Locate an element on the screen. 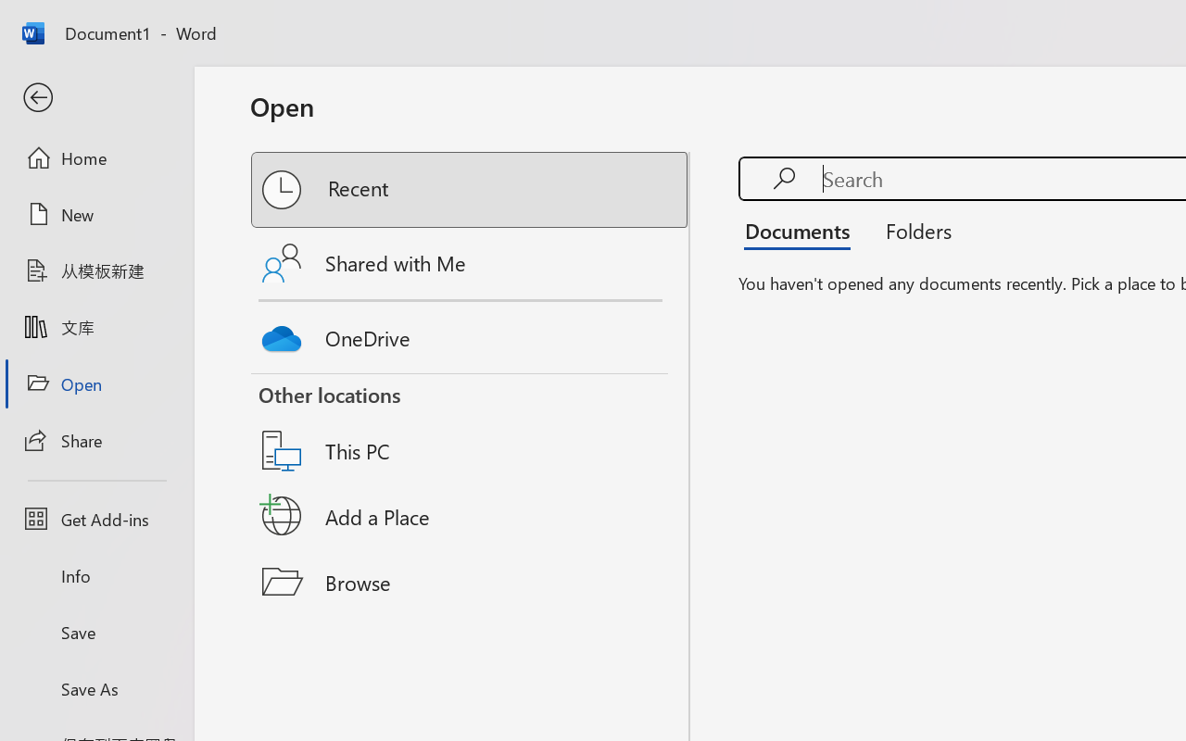 Image resolution: width=1186 pixels, height=741 pixels. 'Get Add-ins' is located at coordinates (95, 519).